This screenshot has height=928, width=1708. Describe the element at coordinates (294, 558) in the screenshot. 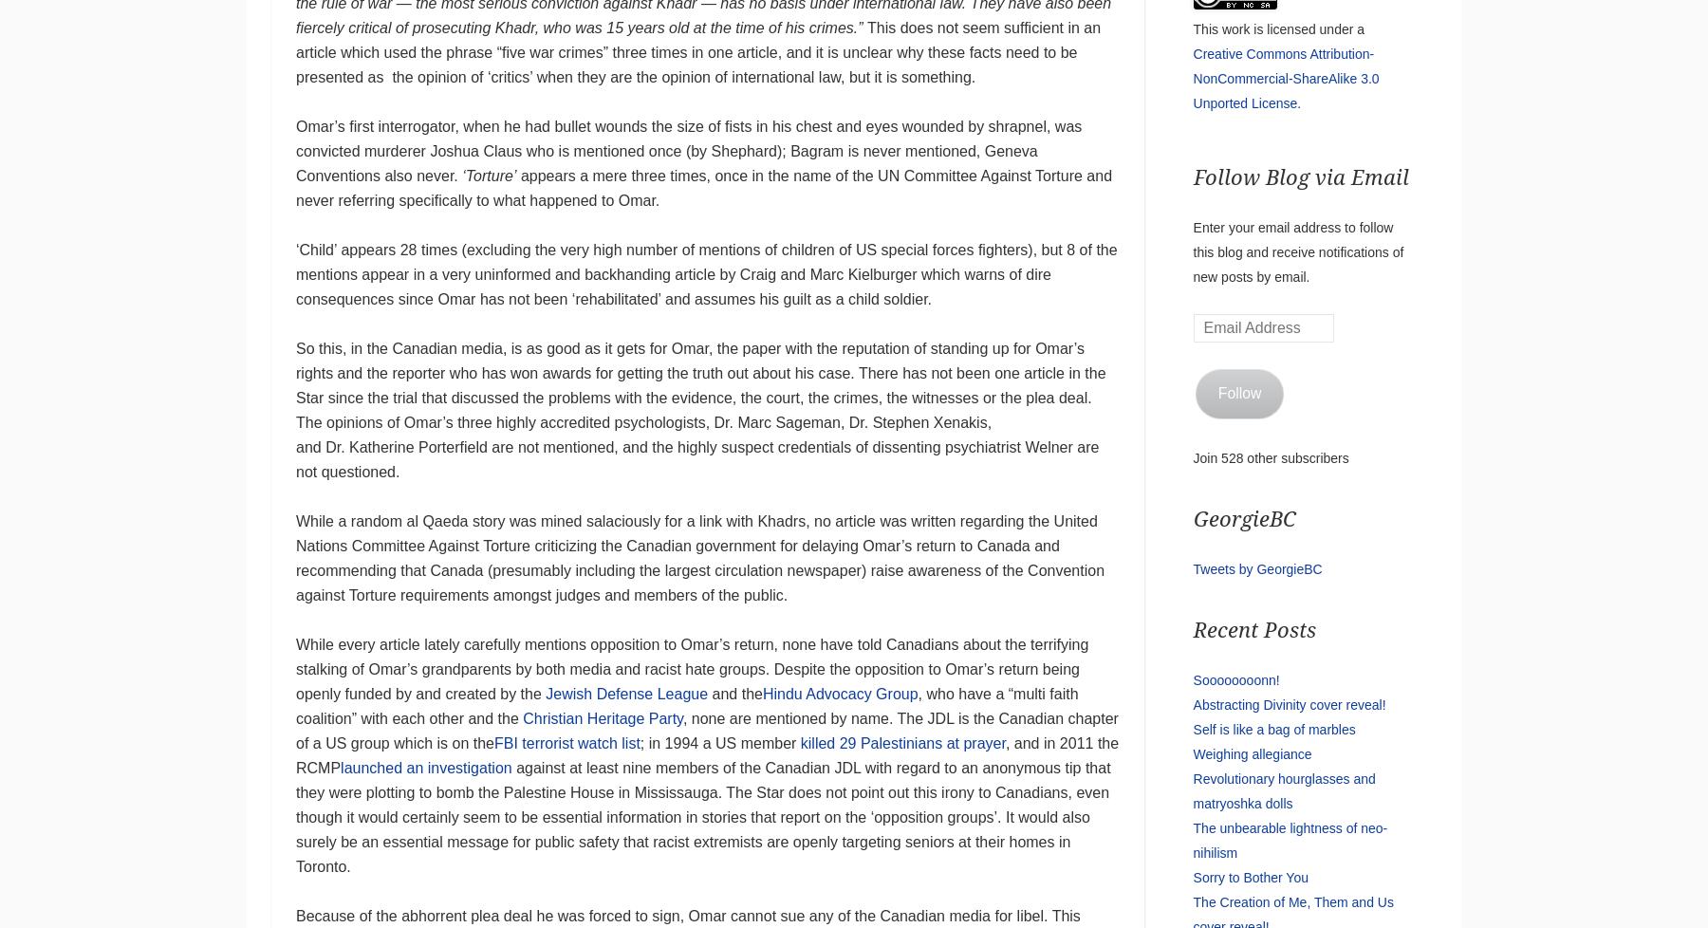

I see `'While a random al Qaeda story was mined salaciously for a link with Khadrs, no article was written regarding the United Nations Committee Against Torture criticizing the Canadian government for delaying Omar’s return to Canada and recommending that Canada (presumably including the largest circulation newspaper) raise awareness of the Convention against Torture requirements amongst judges and members of the public.'` at that location.